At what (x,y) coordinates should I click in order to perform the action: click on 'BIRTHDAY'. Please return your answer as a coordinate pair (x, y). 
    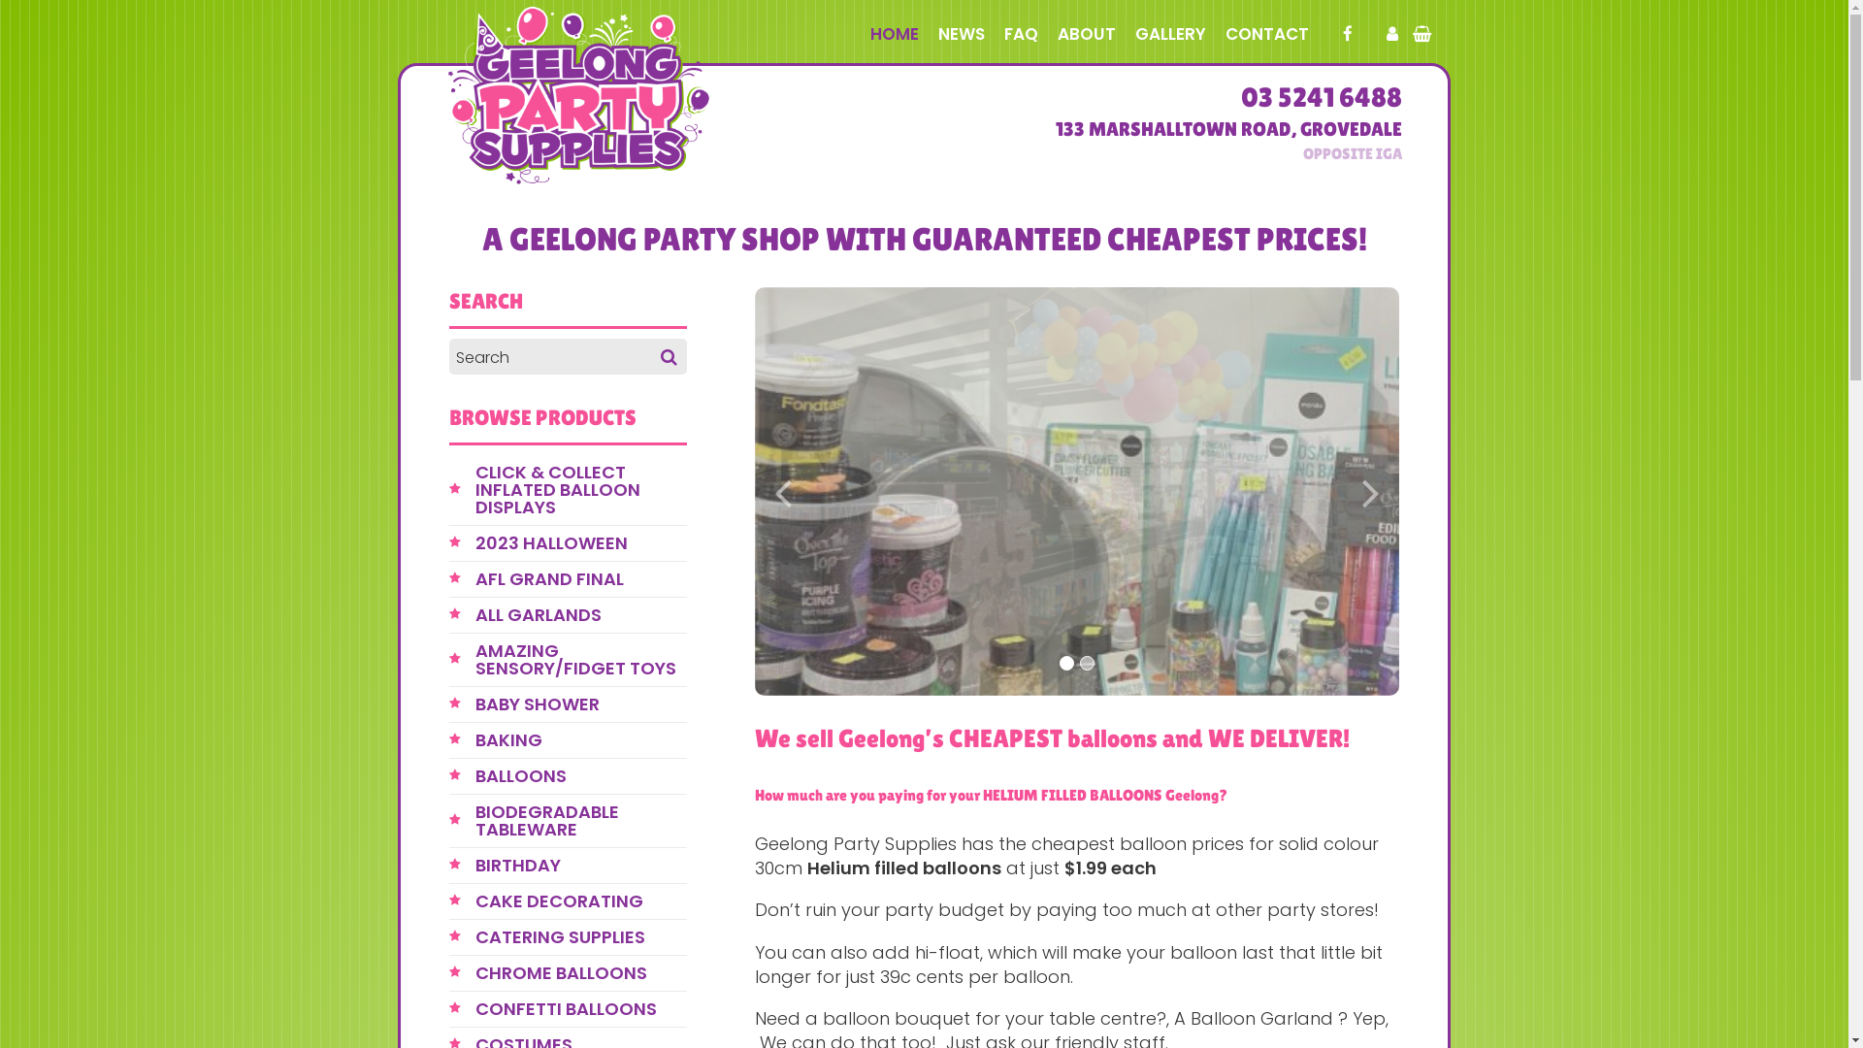
    Looking at the image, I should click on (474, 864).